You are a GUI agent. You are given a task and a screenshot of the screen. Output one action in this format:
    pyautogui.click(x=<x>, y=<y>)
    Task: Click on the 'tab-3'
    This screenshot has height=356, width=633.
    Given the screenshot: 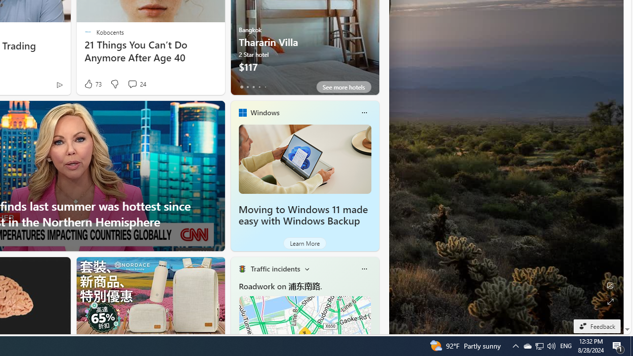 What is the action you would take?
    pyautogui.click(x=259, y=87)
    